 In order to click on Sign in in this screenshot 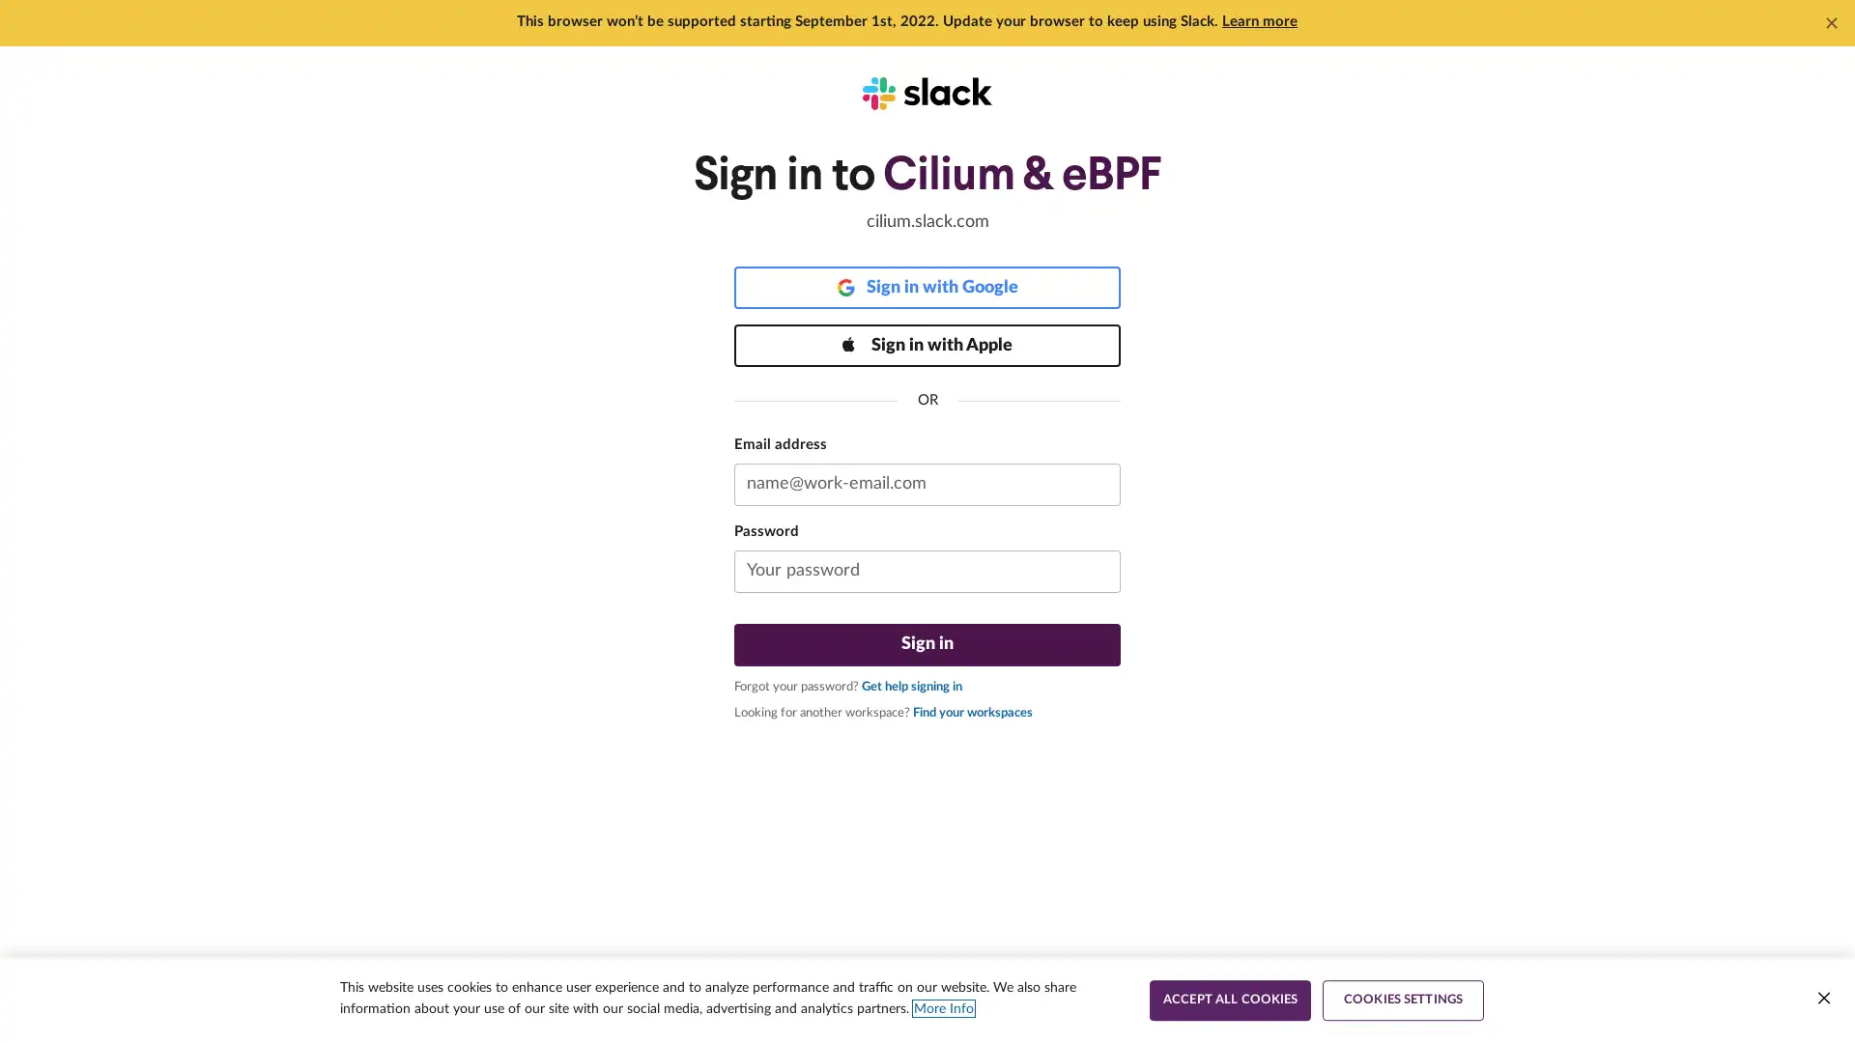, I will do `click(927, 644)`.